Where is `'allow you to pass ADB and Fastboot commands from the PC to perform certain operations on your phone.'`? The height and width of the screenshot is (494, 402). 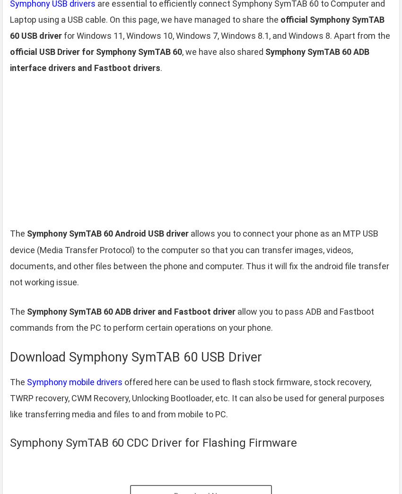
'allow you to pass ADB and Fastboot commands from the PC to perform certain operations on your phone.' is located at coordinates (192, 319).